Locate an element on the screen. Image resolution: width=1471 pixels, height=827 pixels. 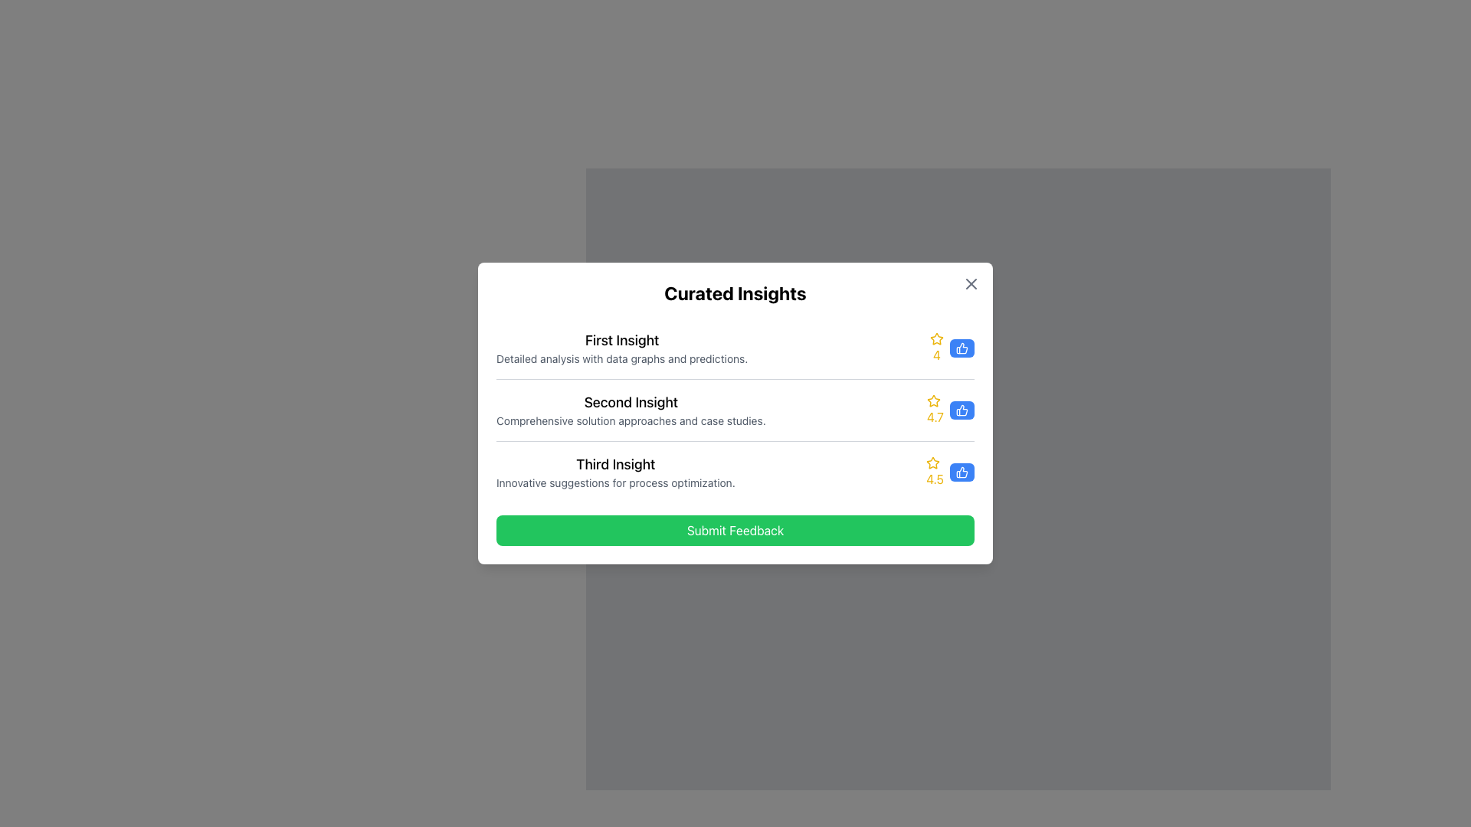
the text label reading 'Third Insight', which is prominently styled in a large and bold font, located centrally in the dialog box above the 'Submit Feedback' button is located at coordinates (615, 463).